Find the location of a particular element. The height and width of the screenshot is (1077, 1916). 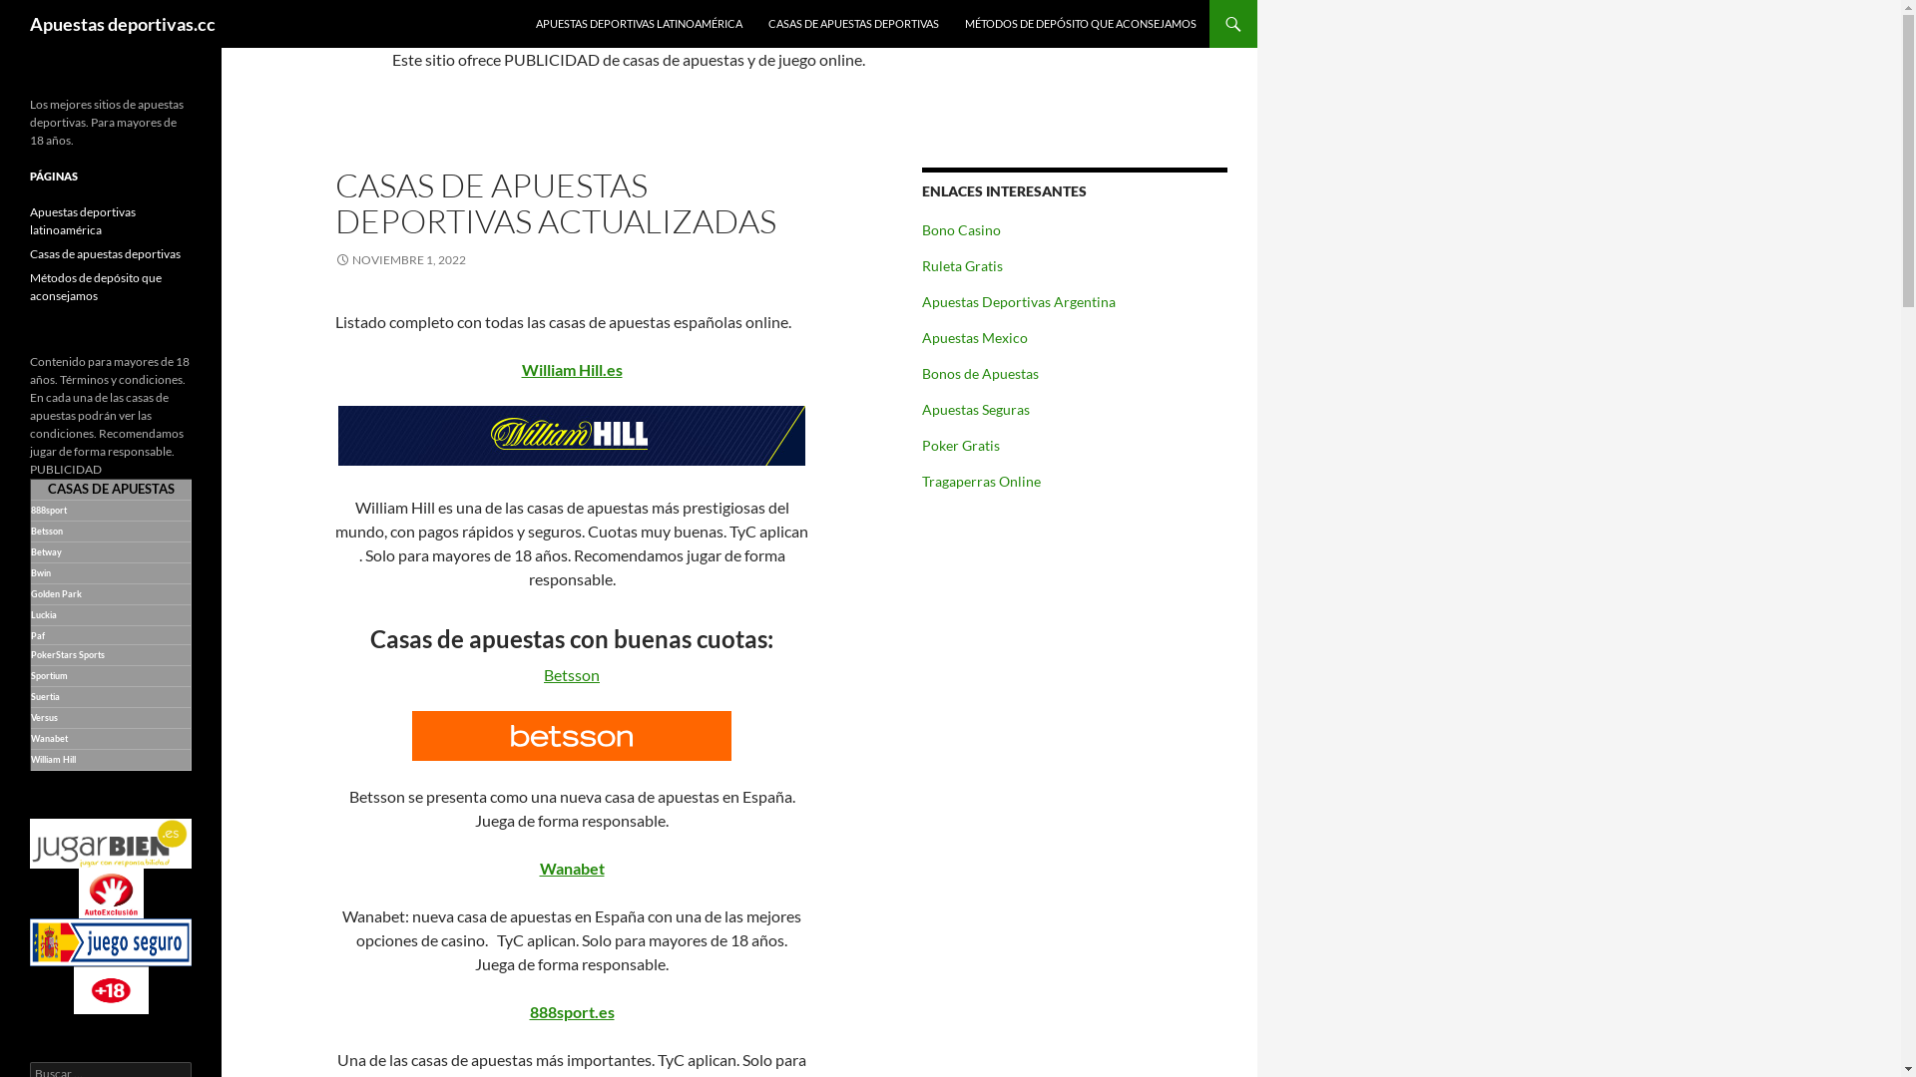

'Apuestas Seguras' is located at coordinates (976, 408).